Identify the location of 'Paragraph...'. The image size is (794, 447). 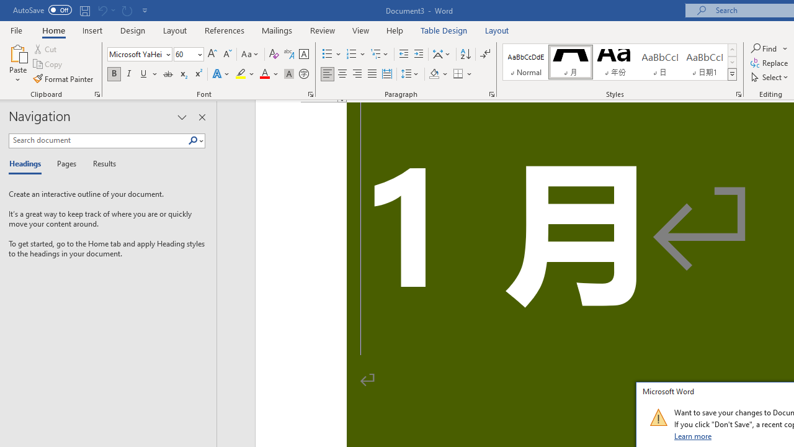
(491, 93).